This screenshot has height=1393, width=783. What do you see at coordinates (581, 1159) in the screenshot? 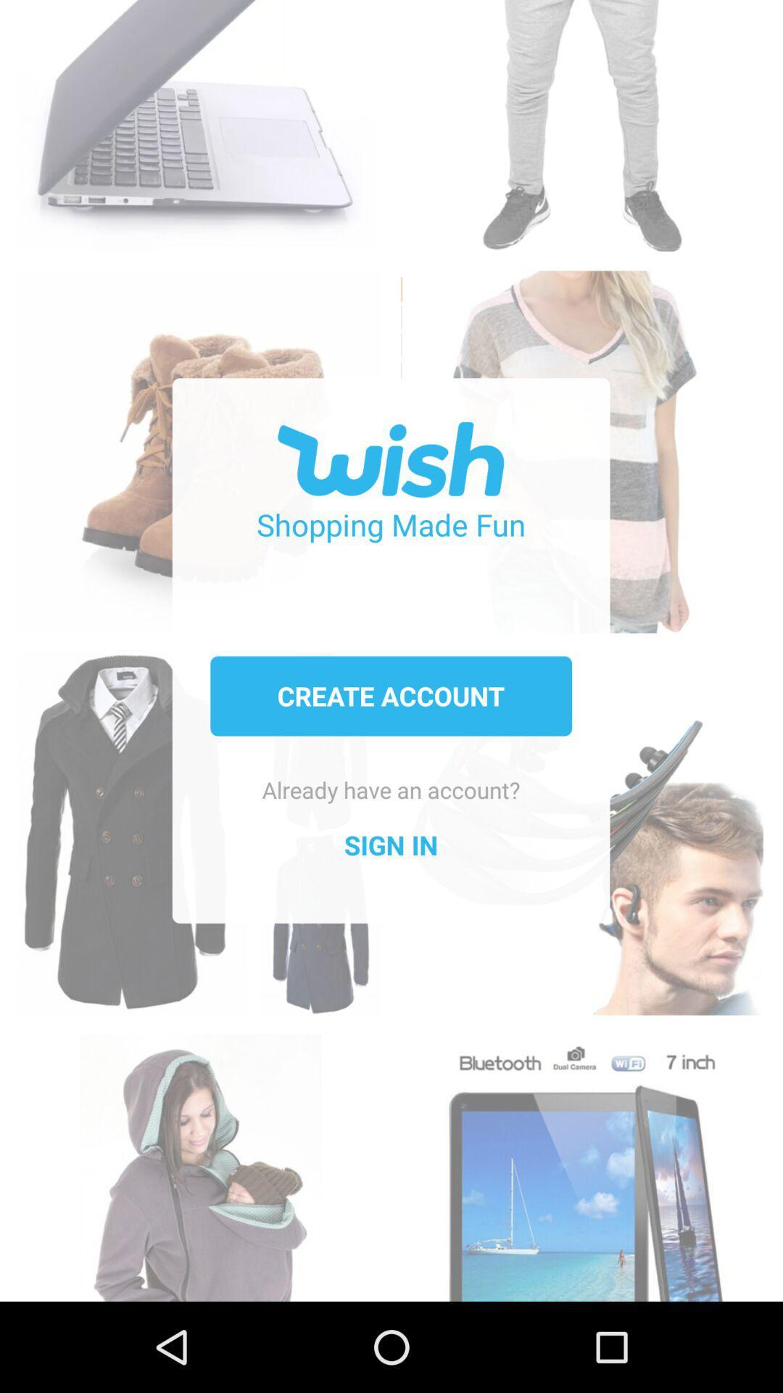
I see `right corner phone image from bottom` at bounding box center [581, 1159].